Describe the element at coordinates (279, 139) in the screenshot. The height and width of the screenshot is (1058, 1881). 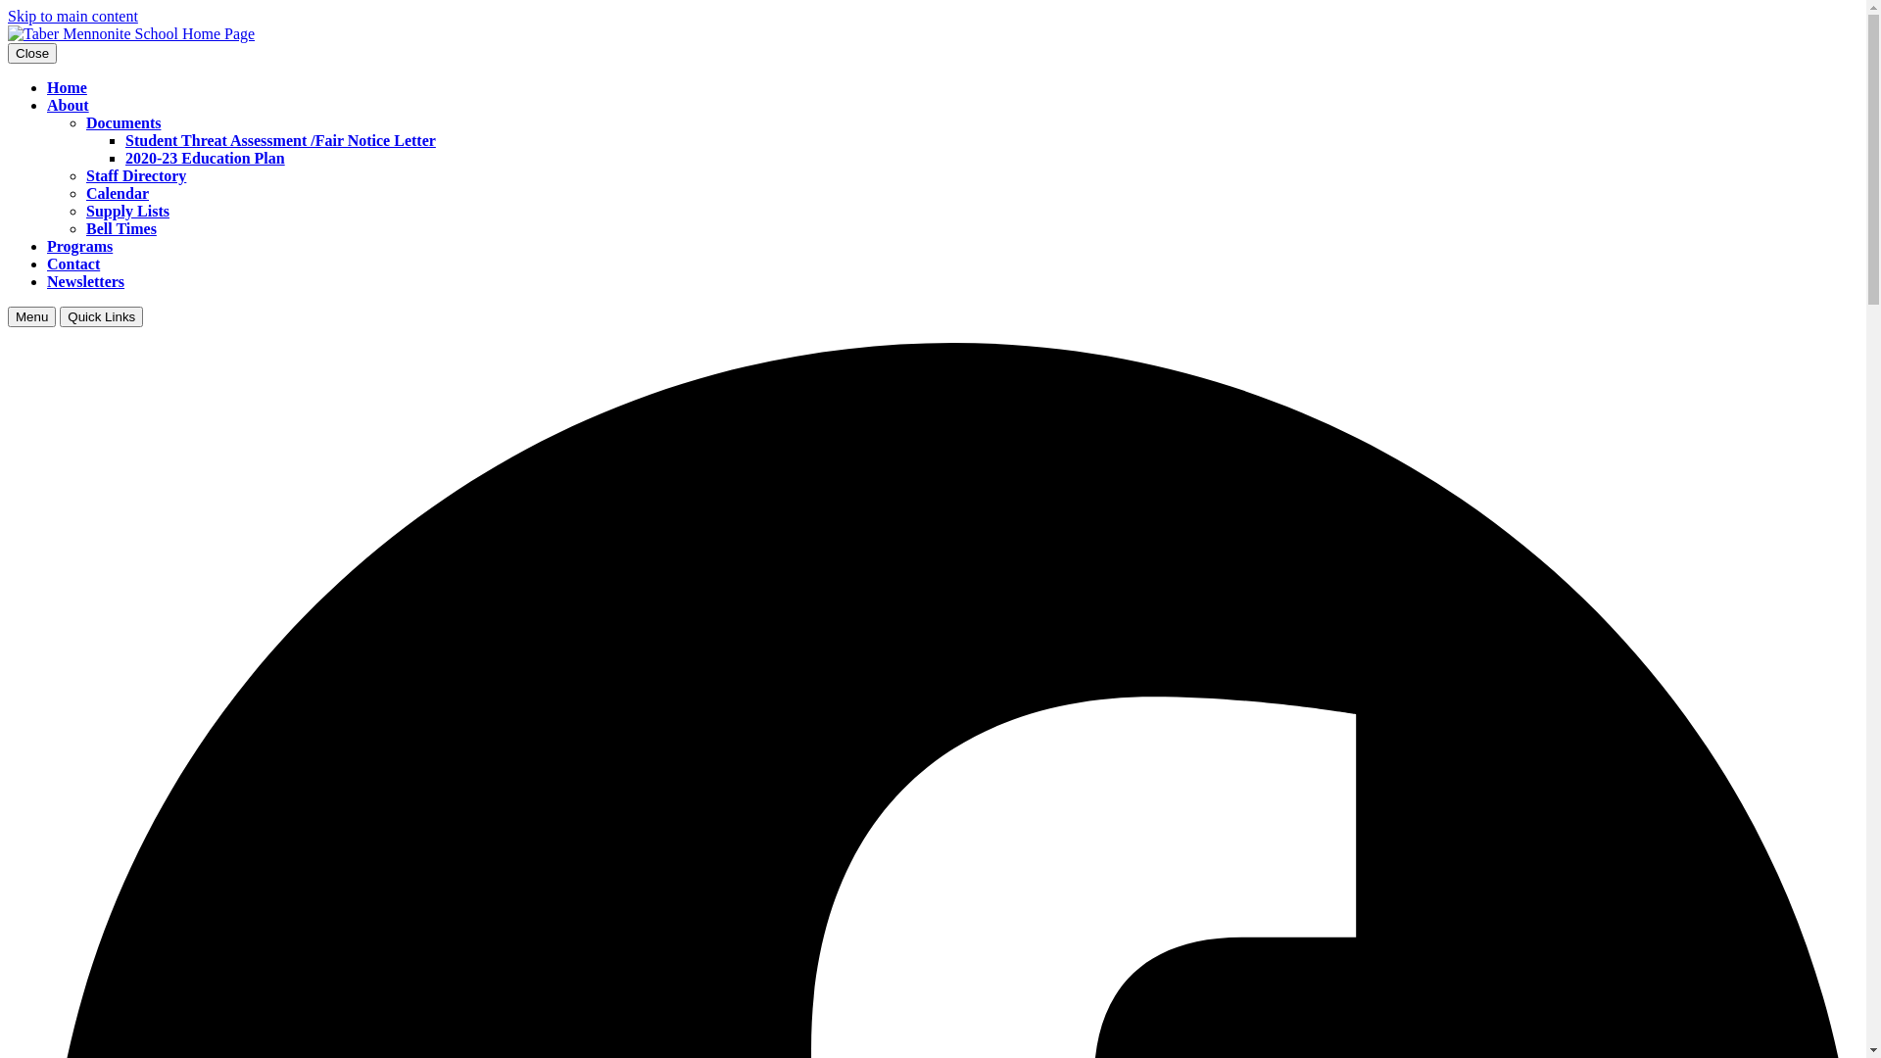
I see `'Student Threat Assessment /Fair Notice Letter'` at that location.